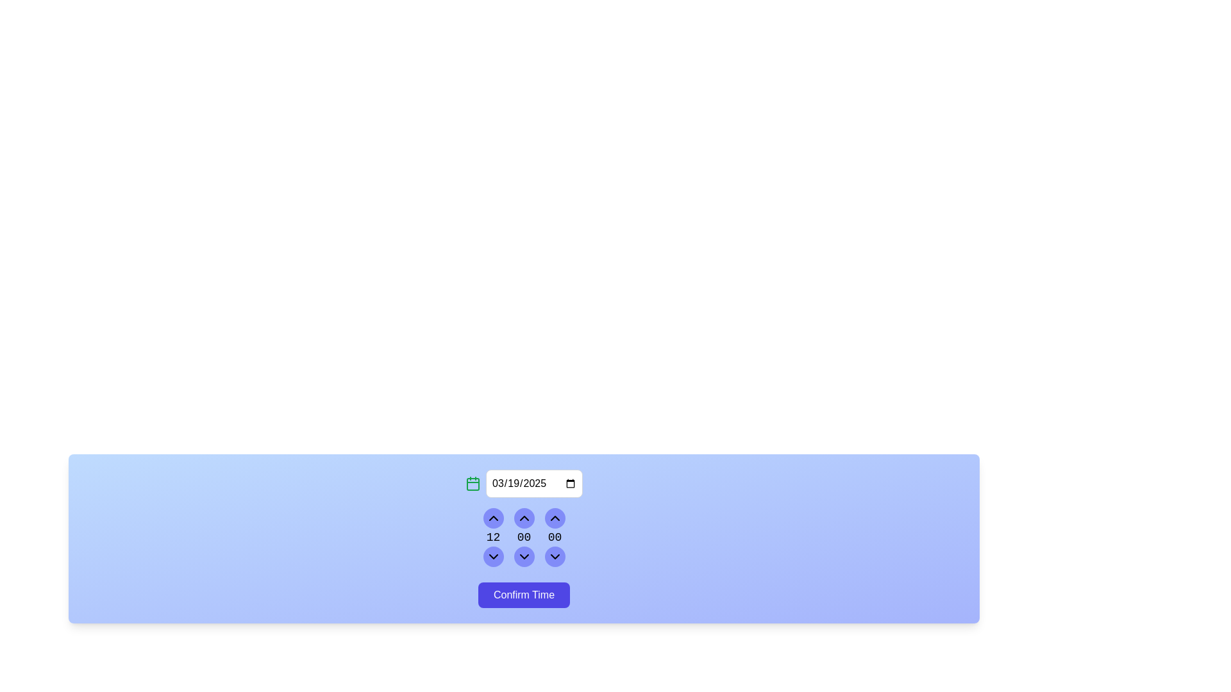 Image resolution: width=1231 pixels, height=692 pixels. Describe the element at coordinates (524, 556) in the screenshot. I see `the downward-pointing chevron icon button located below the minutes in the numeric time selector UI, which is styled with a light blue circular background and a black stroke icon` at that location.